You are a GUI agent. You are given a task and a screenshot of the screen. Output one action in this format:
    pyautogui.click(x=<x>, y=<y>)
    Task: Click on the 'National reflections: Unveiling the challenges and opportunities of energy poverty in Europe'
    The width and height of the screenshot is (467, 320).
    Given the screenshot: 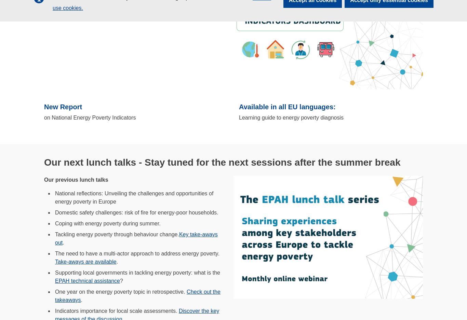 What is the action you would take?
    pyautogui.click(x=134, y=197)
    